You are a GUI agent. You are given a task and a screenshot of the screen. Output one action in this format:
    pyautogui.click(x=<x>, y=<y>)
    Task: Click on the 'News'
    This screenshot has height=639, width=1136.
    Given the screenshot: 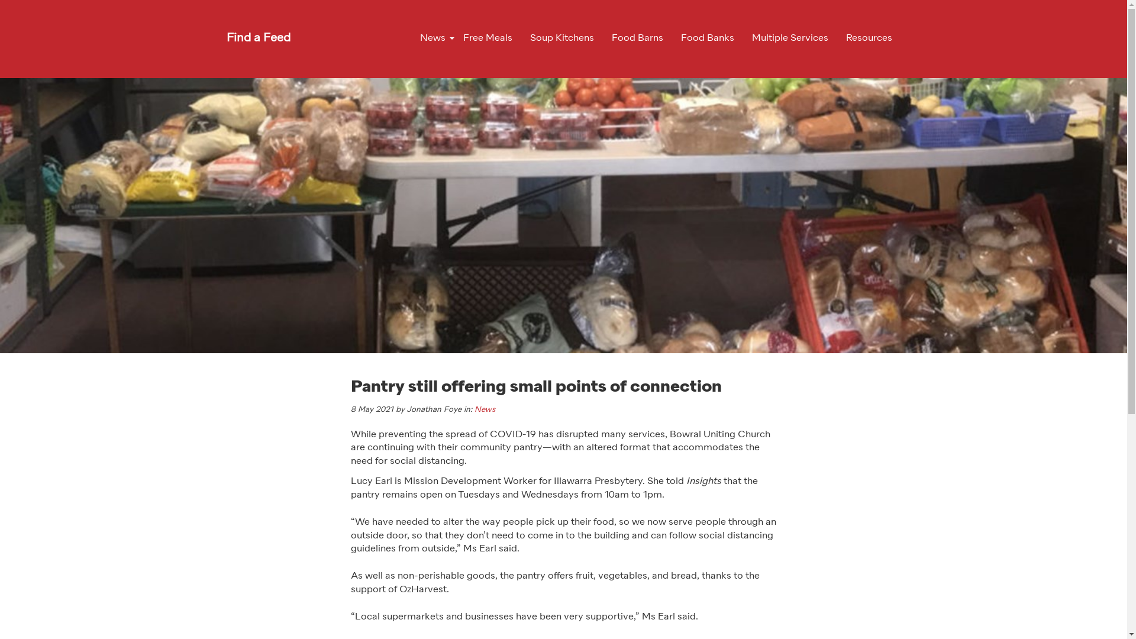 What is the action you would take?
    pyautogui.click(x=485, y=409)
    